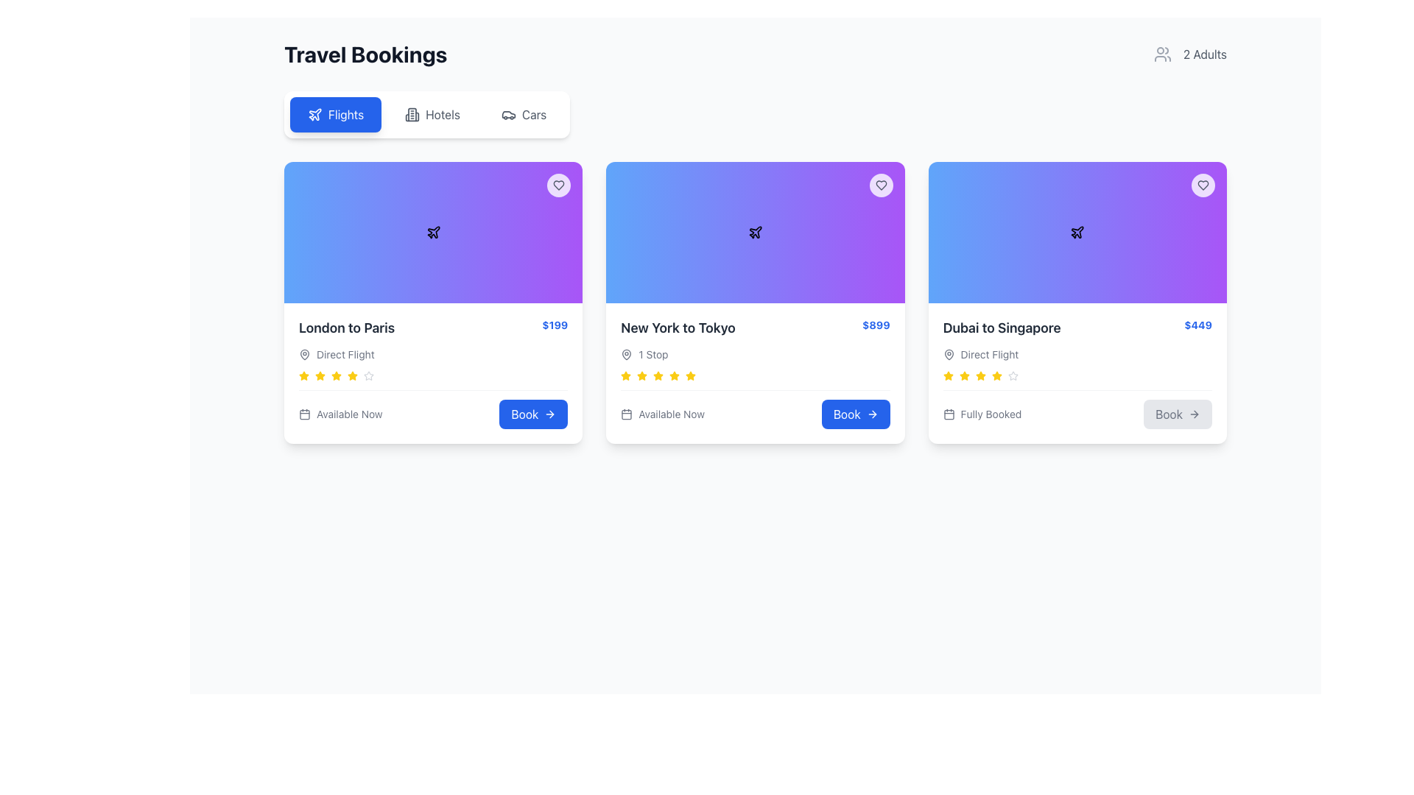 Image resolution: width=1414 pixels, height=795 pixels. What do you see at coordinates (1077, 232) in the screenshot?
I see `the decorative plane icon located in the upper section of the 'Dubai to Singapore' travel booking card` at bounding box center [1077, 232].